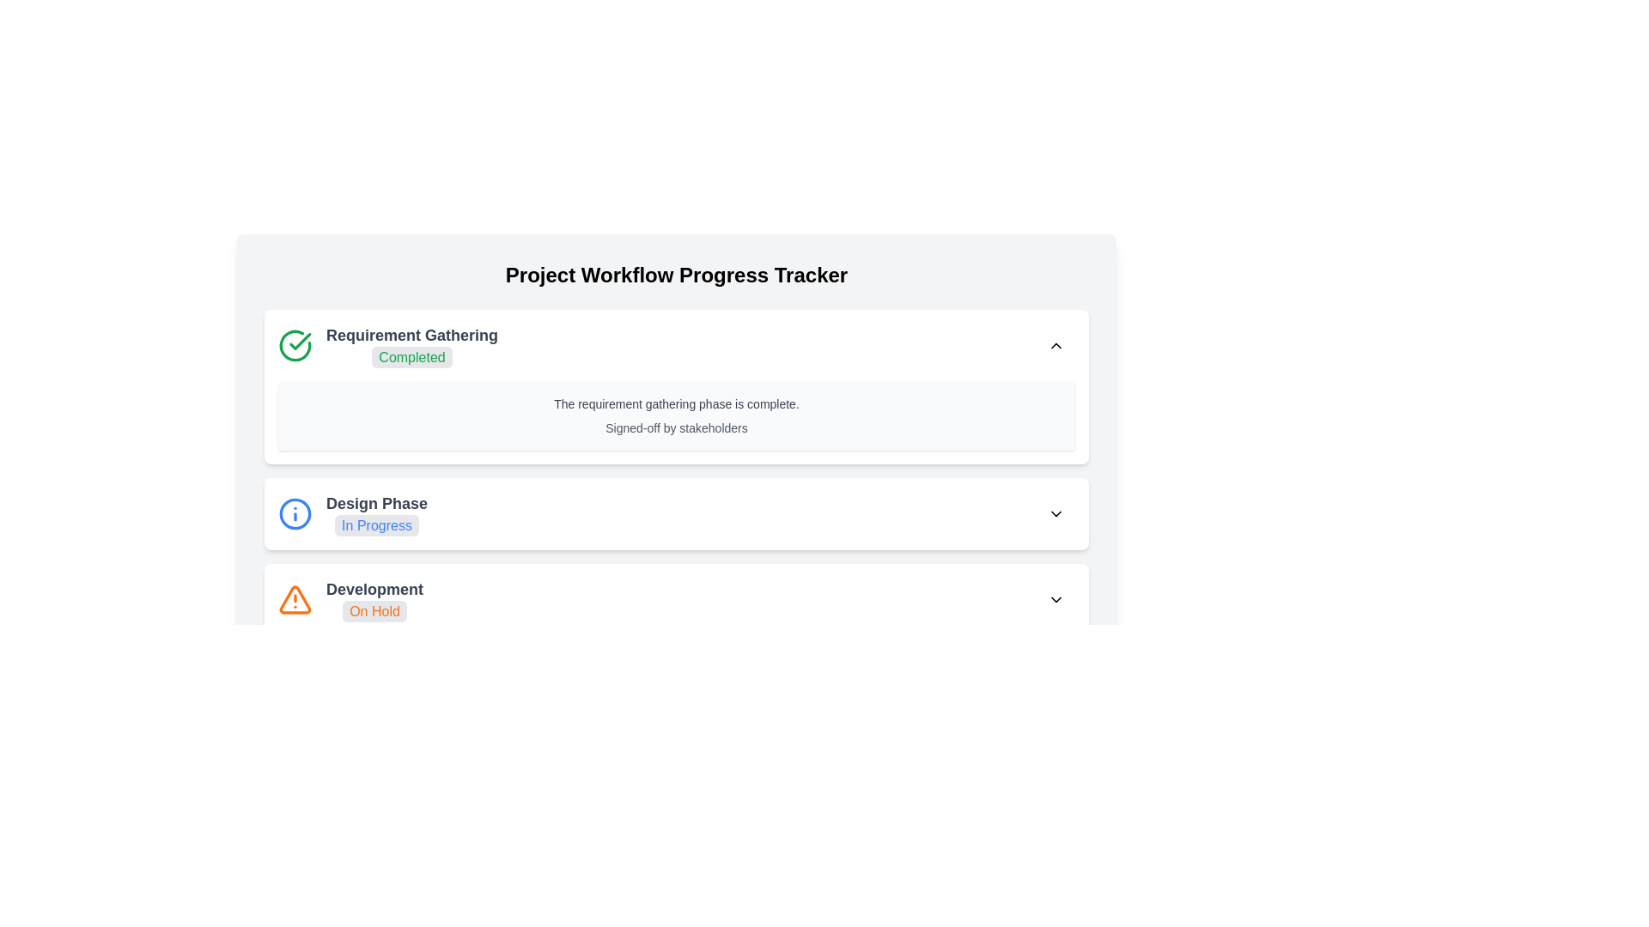 Image resolution: width=1649 pixels, height=927 pixels. I want to click on the triangular caution symbol with an orange outline and centered exclamation mark located in the 'Development' section, to the left of the 'On Hold' text, so click(295, 598).